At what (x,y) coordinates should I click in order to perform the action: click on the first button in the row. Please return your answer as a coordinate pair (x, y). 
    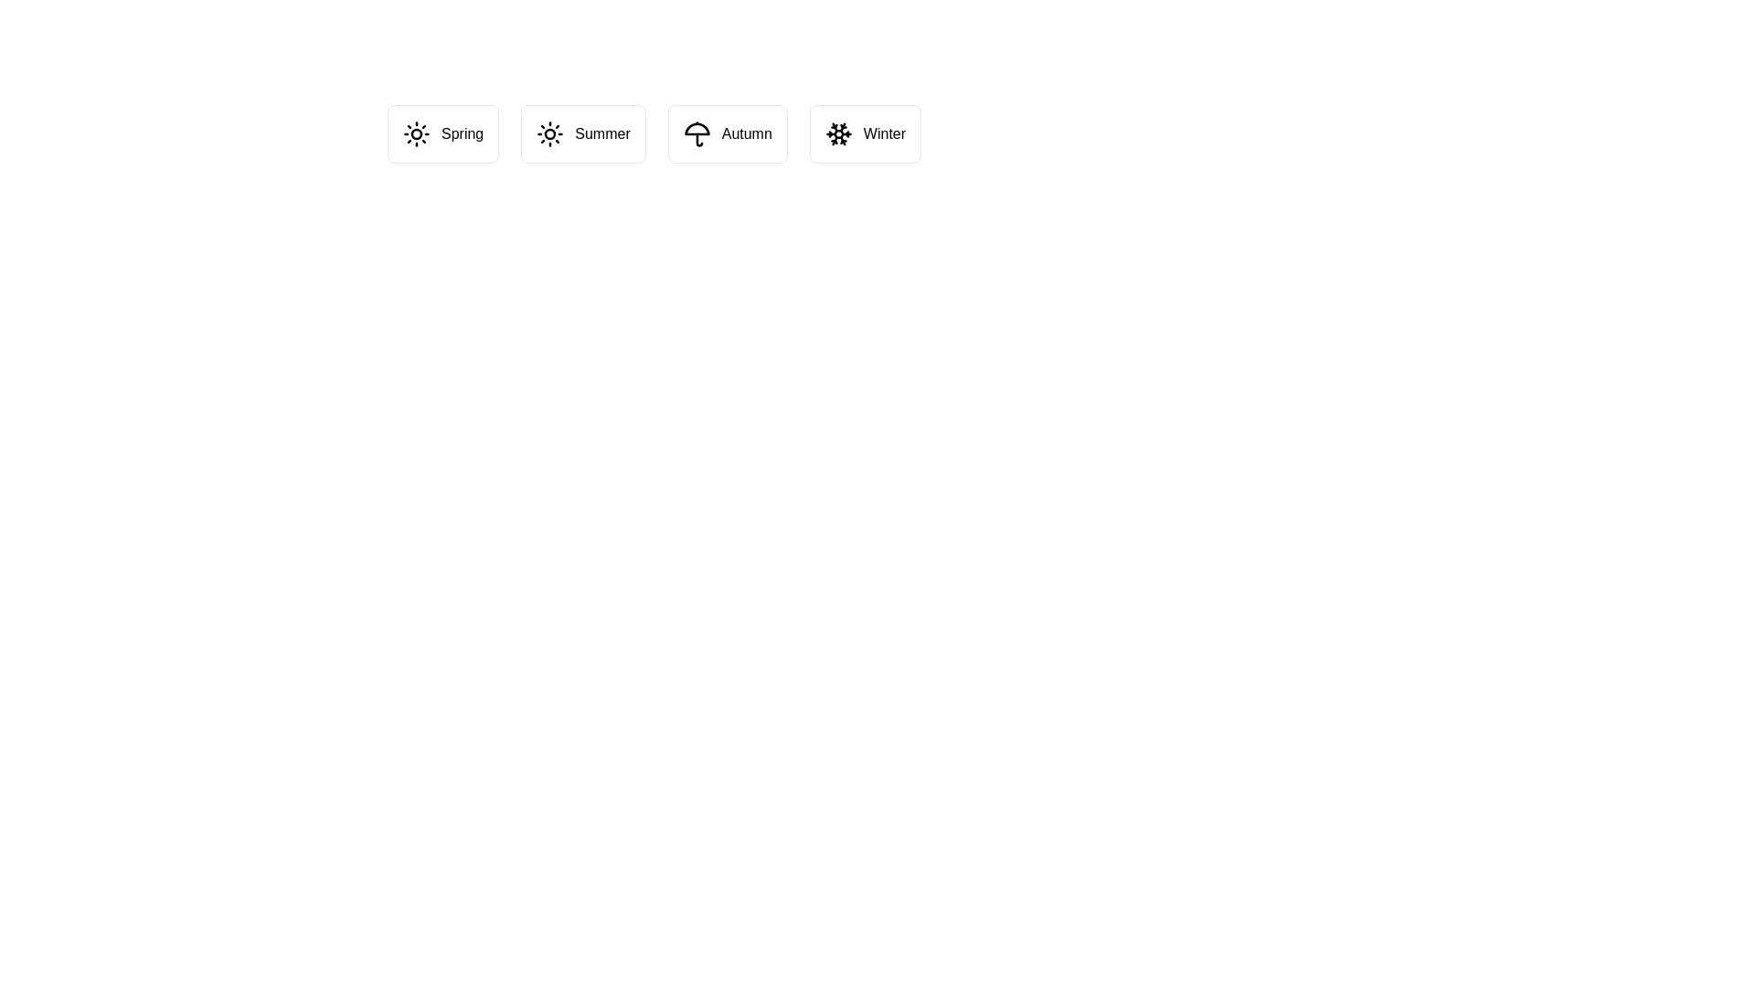
    Looking at the image, I should click on (443, 133).